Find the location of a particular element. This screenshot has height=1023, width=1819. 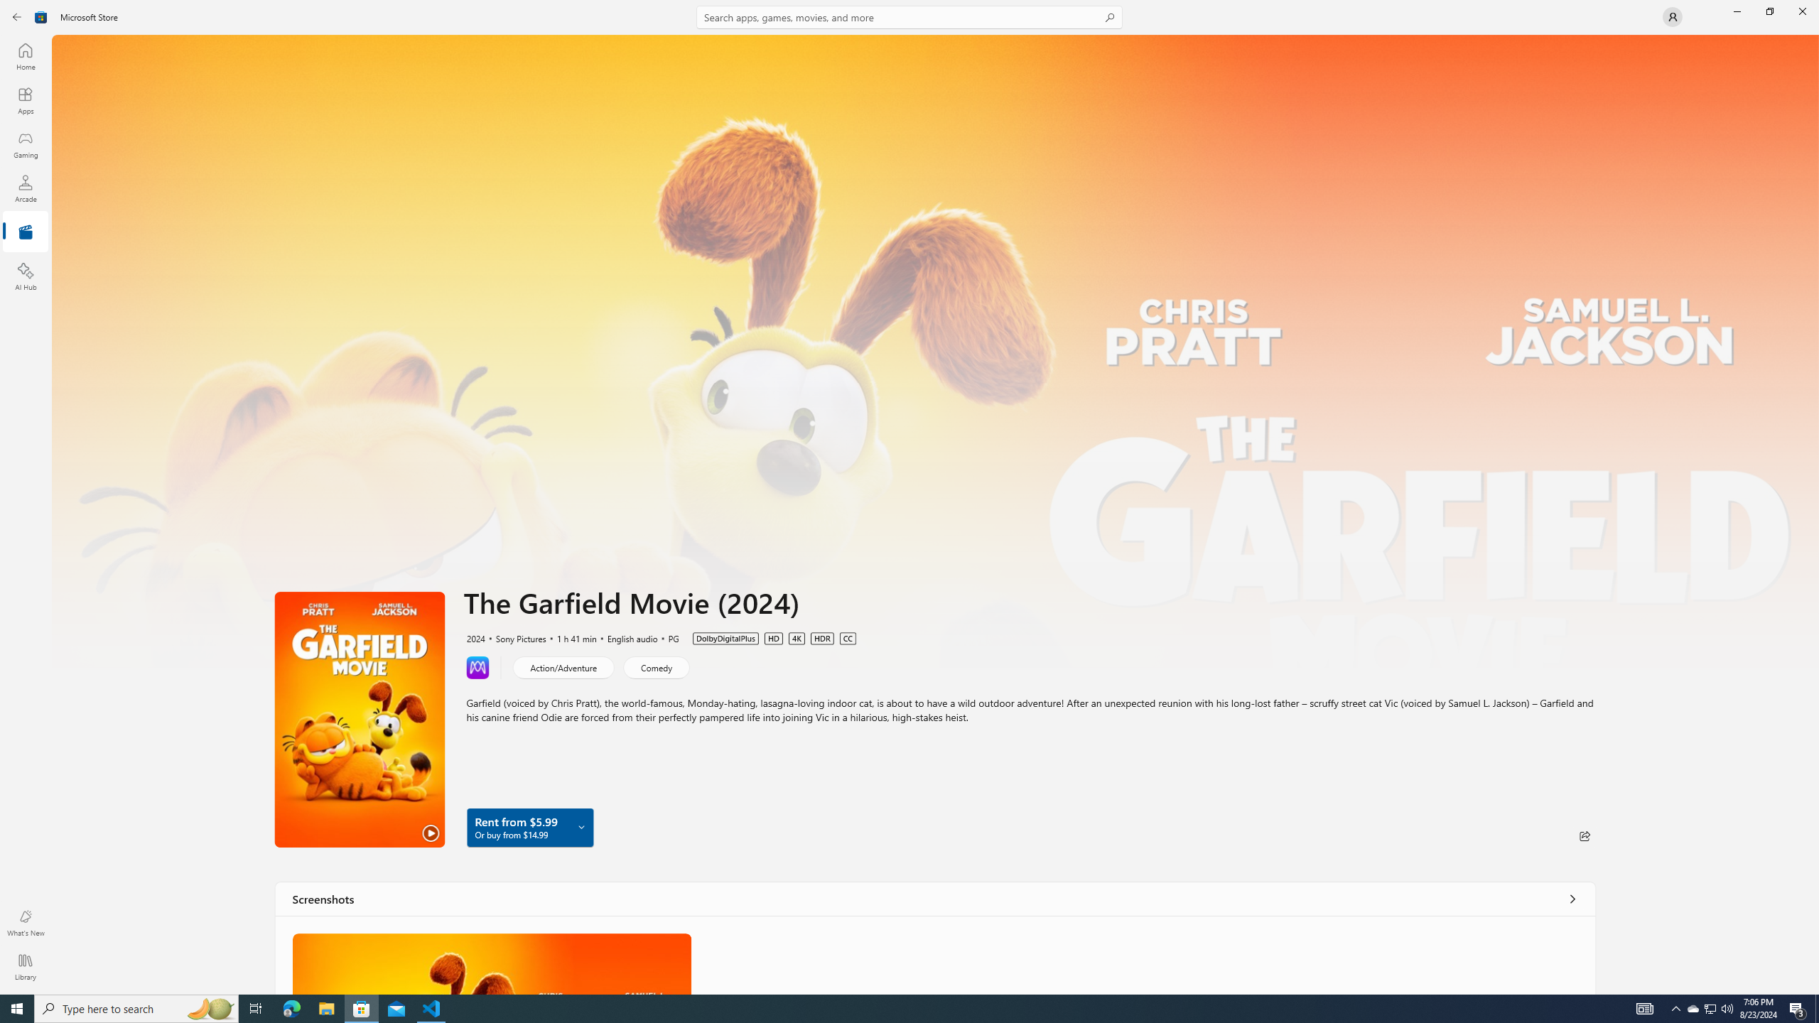

'Share' is located at coordinates (1584, 835).